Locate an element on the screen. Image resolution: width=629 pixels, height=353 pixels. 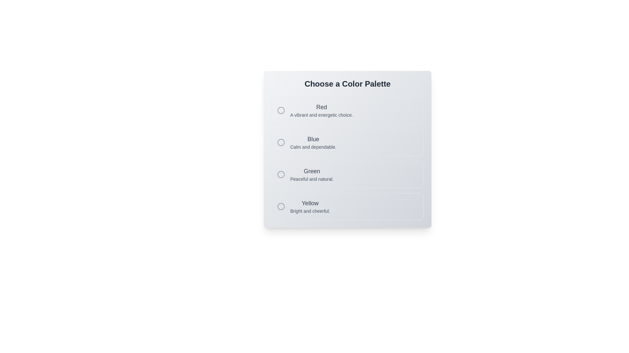
the circular graphic representing the 'Green' option in the selection interface, which is the third option in a vertical list is located at coordinates (281, 174).